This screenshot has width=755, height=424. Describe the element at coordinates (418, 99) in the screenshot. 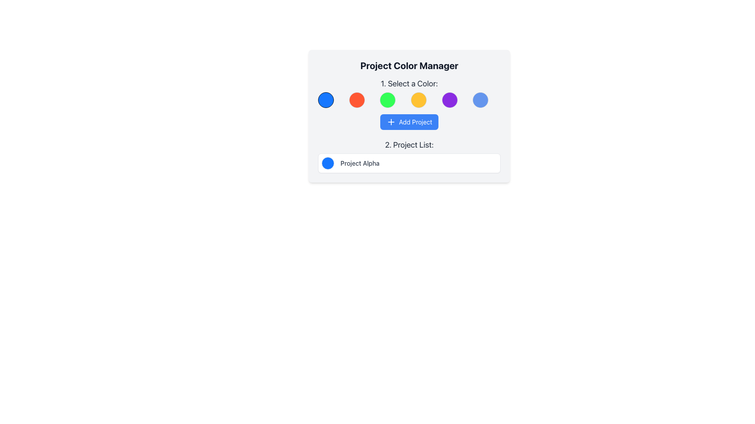

I see `the fourth circular color selection option labeled '1. Select a Color'` at that location.